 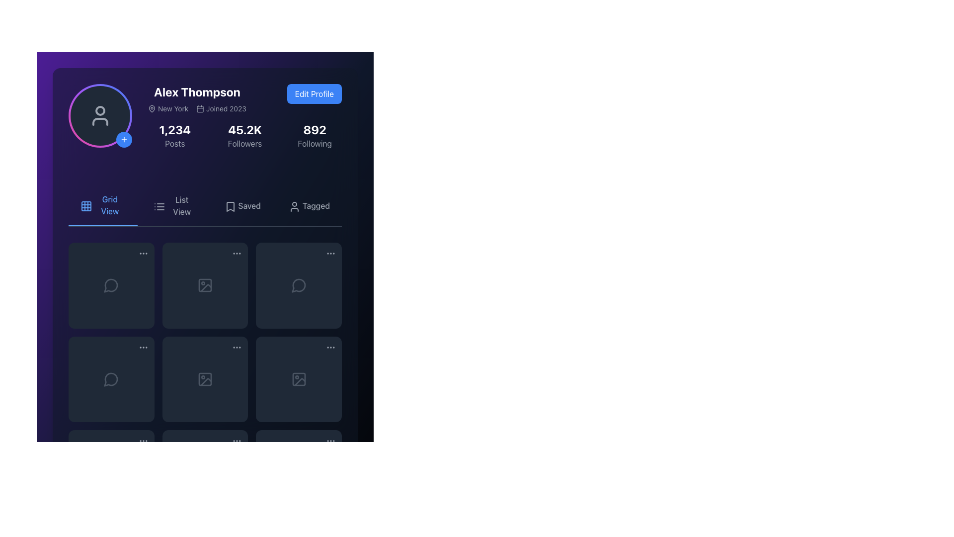 What do you see at coordinates (237, 441) in the screenshot?
I see `the button with an ellipsis icon located in the top-right section of the square card` at bounding box center [237, 441].